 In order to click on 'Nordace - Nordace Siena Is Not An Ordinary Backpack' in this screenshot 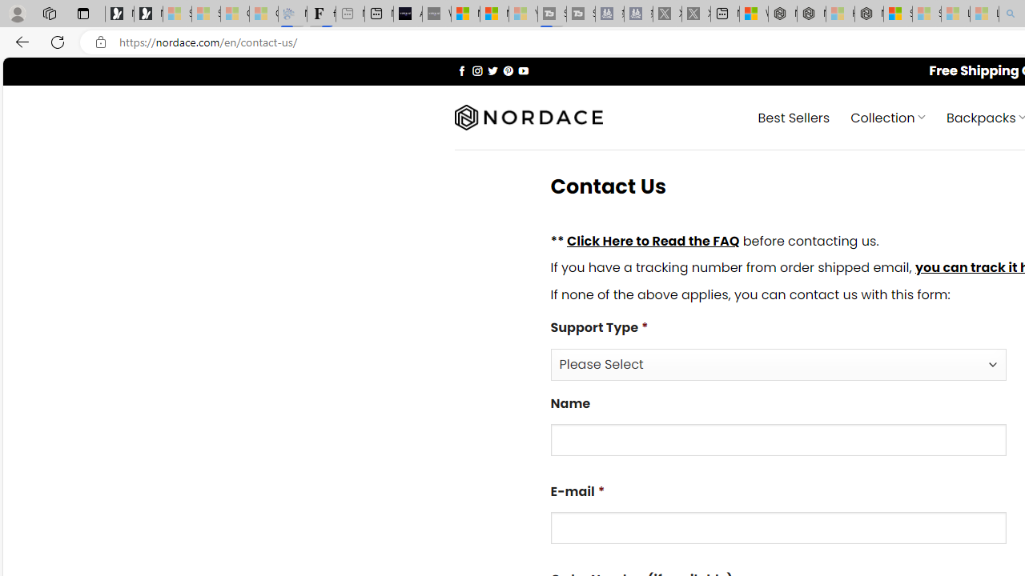, I will do `click(868, 14)`.